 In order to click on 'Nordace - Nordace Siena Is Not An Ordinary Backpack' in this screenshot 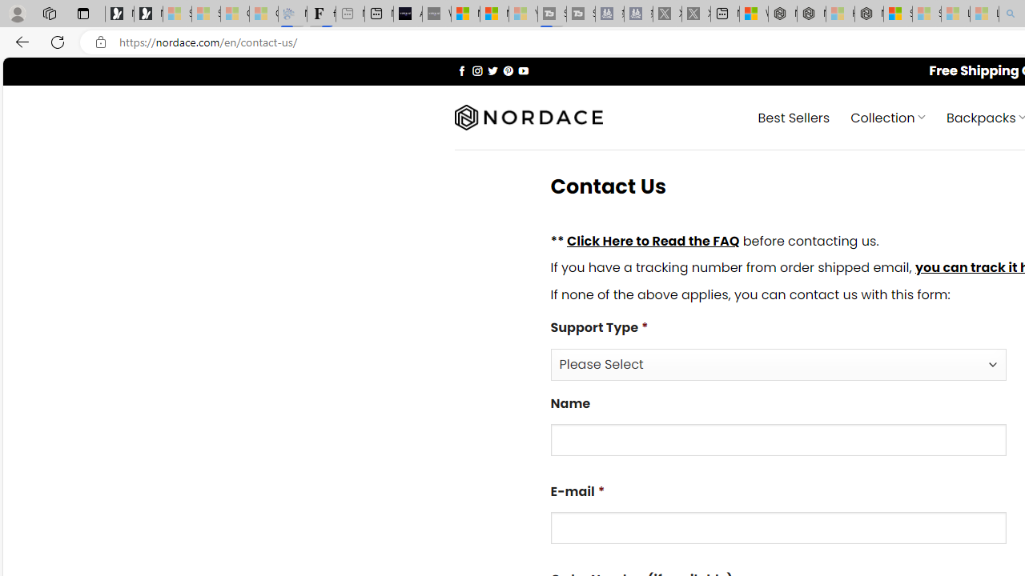, I will do `click(868, 14)`.